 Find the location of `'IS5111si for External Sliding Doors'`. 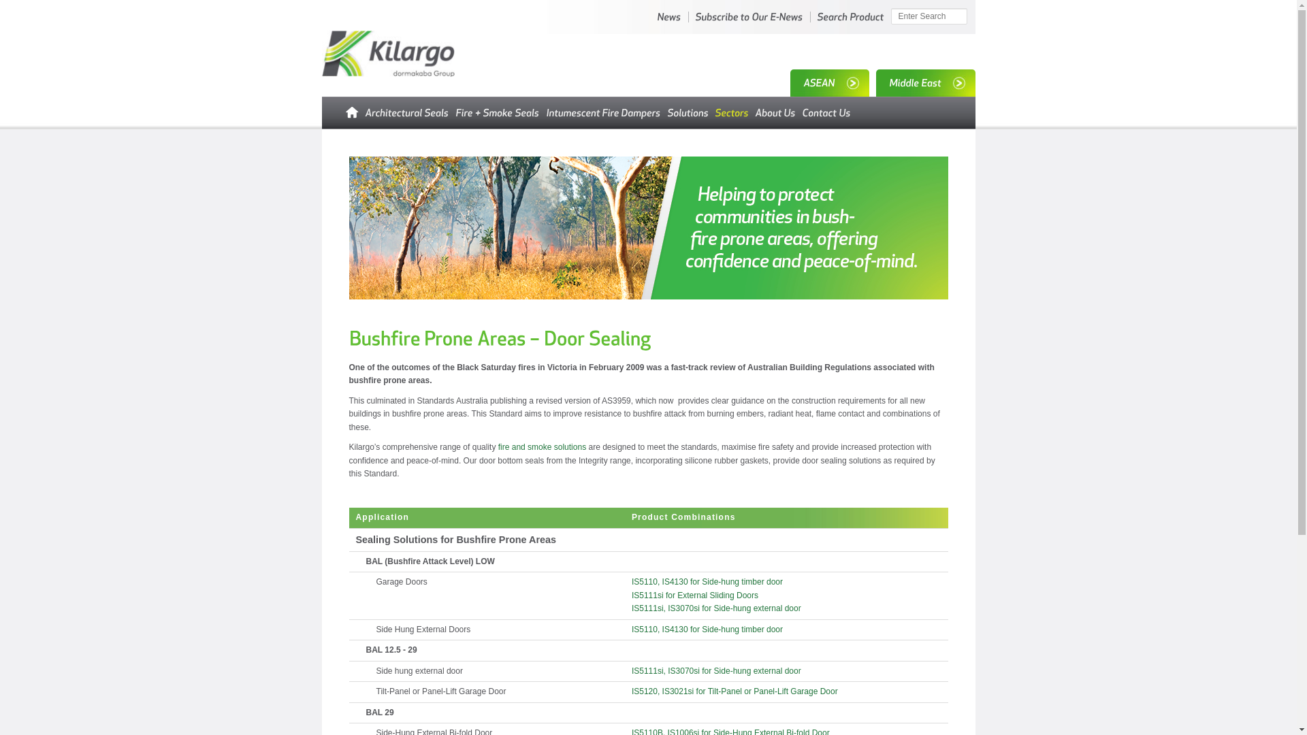

'IS5111si for External Sliding Doors' is located at coordinates (695, 595).